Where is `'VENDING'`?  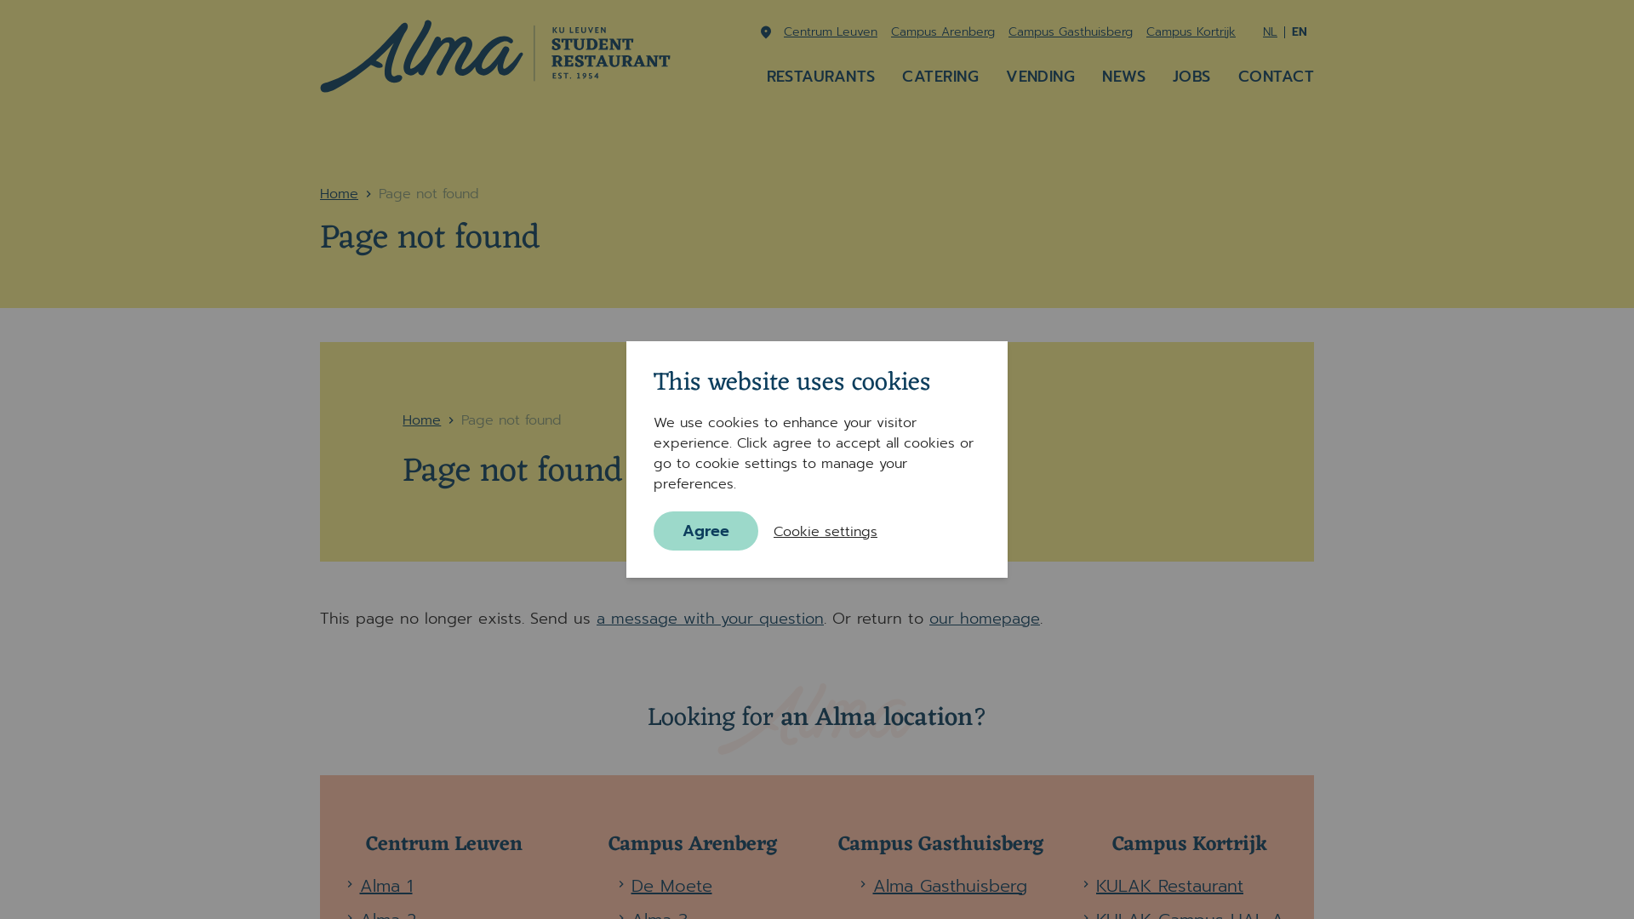
'VENDING' is located at coordinates (1039, 75).